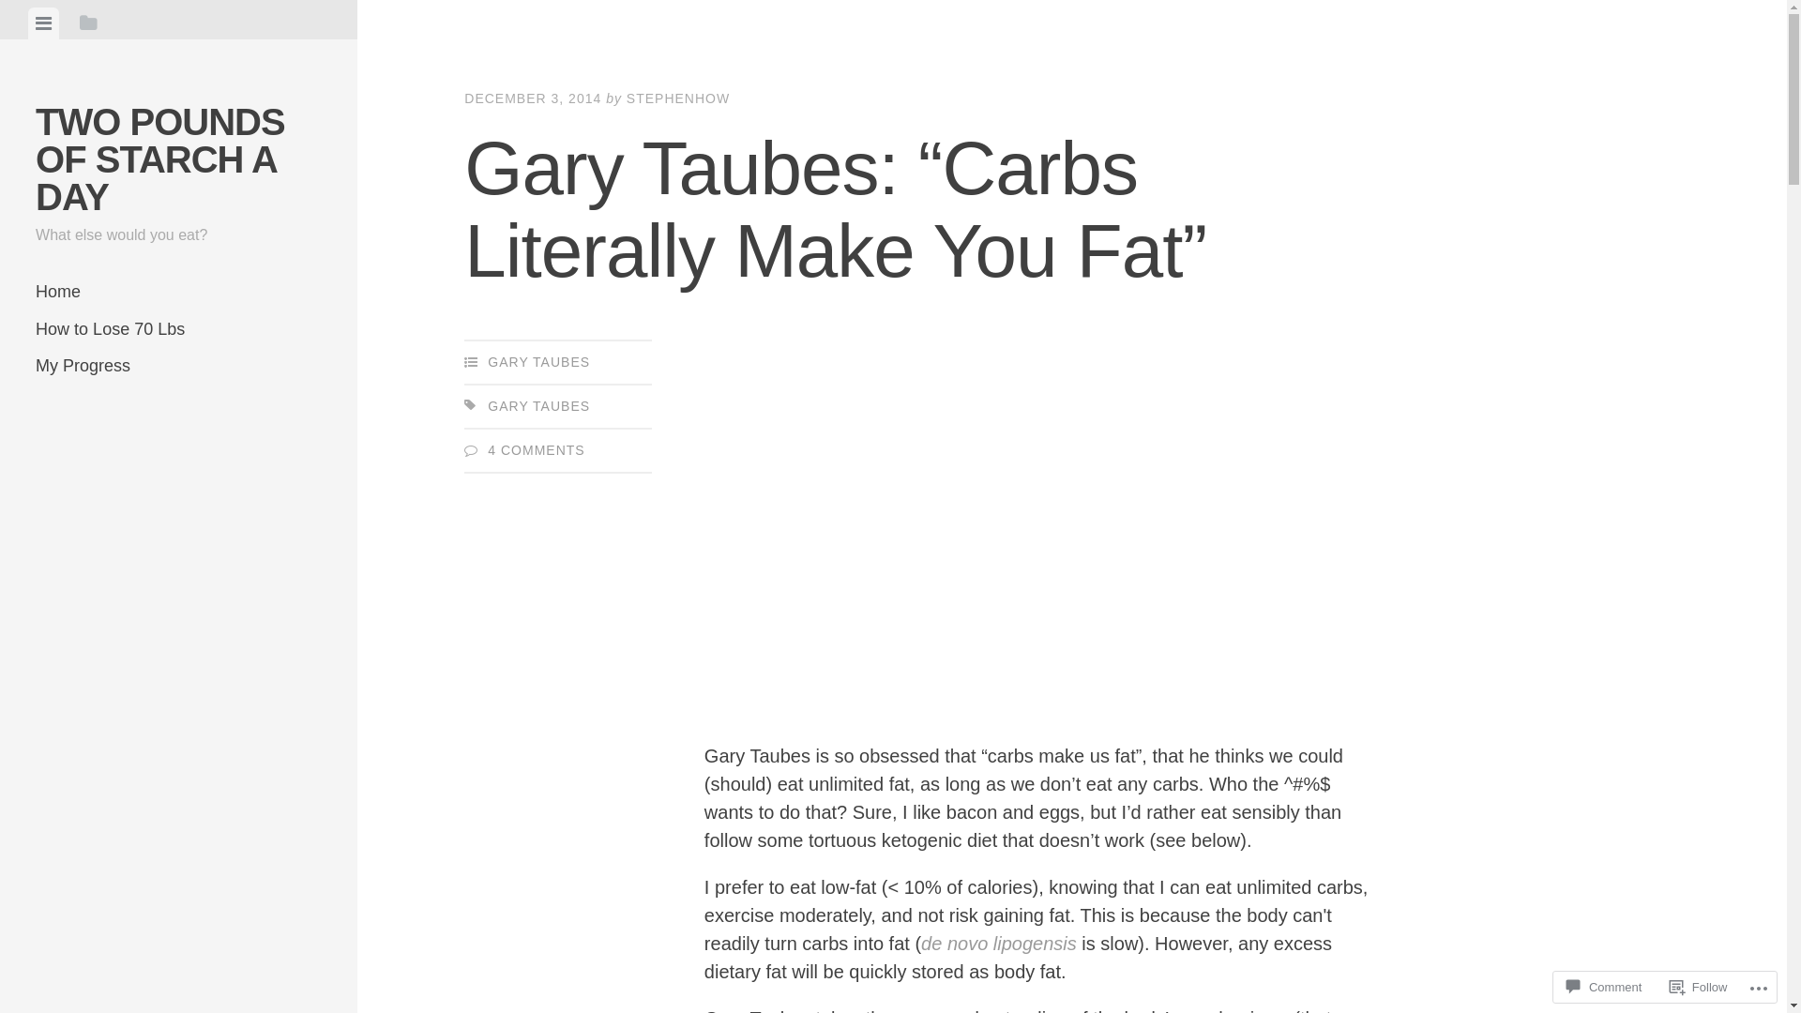  Describe the element at coordinates (160, 158) in the screenshot. I see `'TWO POUNDS OF STARCH A DAY'` at that location.